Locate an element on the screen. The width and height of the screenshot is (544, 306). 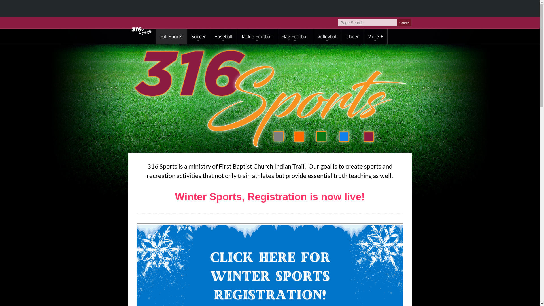
'Soccer' is located at coordinates (187, 36).